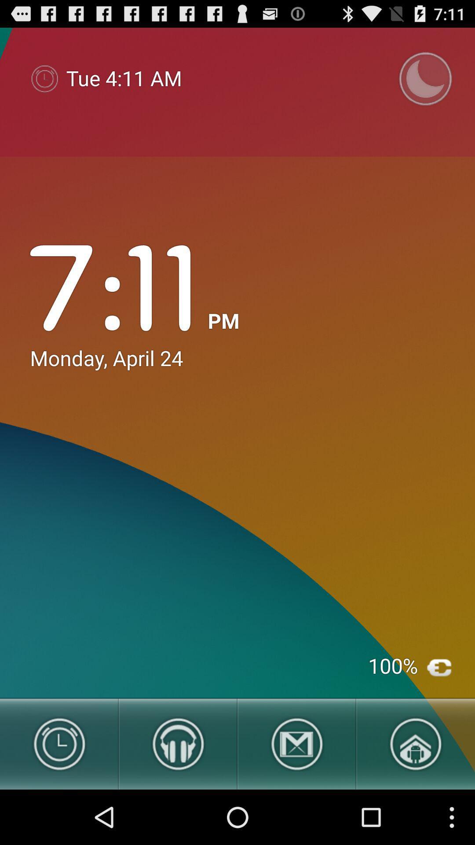 The width and height of the screenshot is (475, 845). I want to click on the time icon, so click(425, 84).